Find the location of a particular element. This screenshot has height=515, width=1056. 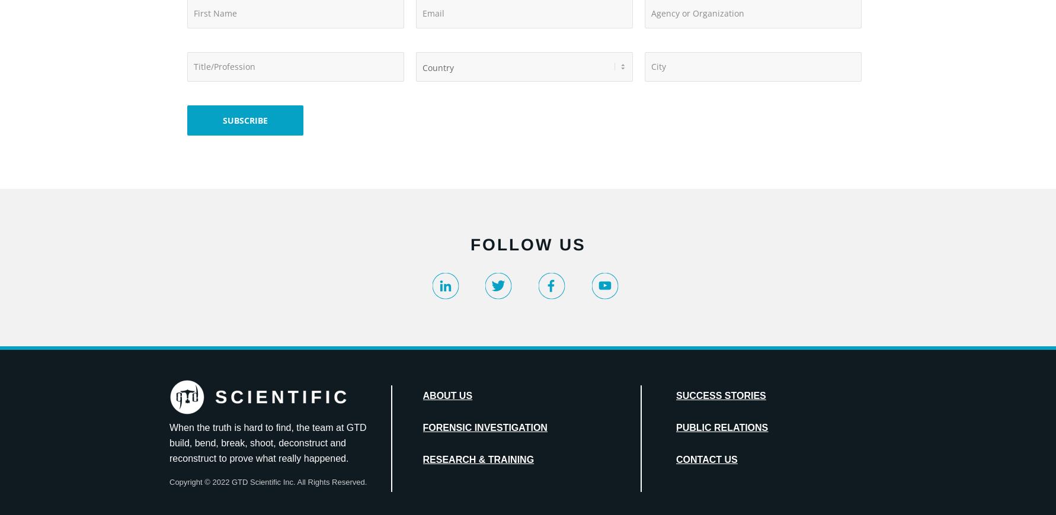

'Copyright' is located at coordinates (186, 481).